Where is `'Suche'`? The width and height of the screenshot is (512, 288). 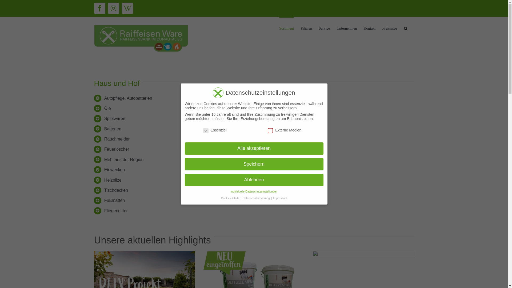
'Suche' is located at coordinates (405, 28).